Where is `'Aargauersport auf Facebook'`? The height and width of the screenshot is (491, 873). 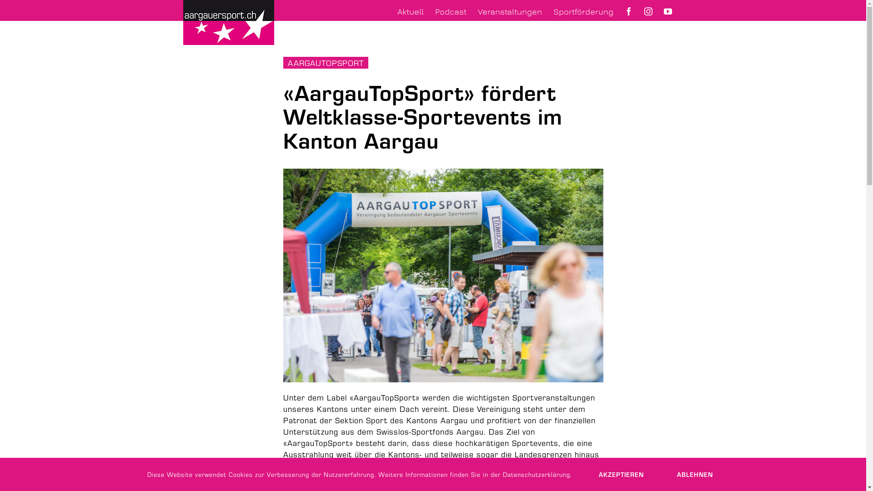
'Aargauersport auf Facebook' is located at coordinates (624, 12).